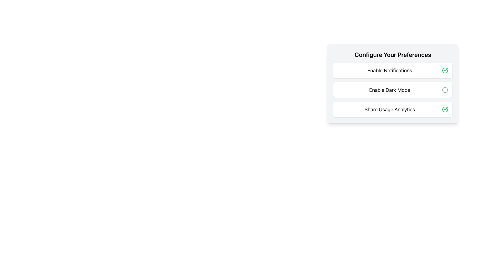 This screenshot has height=277, width=492. I want to click on the circular icon with a green border and a checkmark inside, associated with the text 'Share Usage Analytics', so click(445, 109).